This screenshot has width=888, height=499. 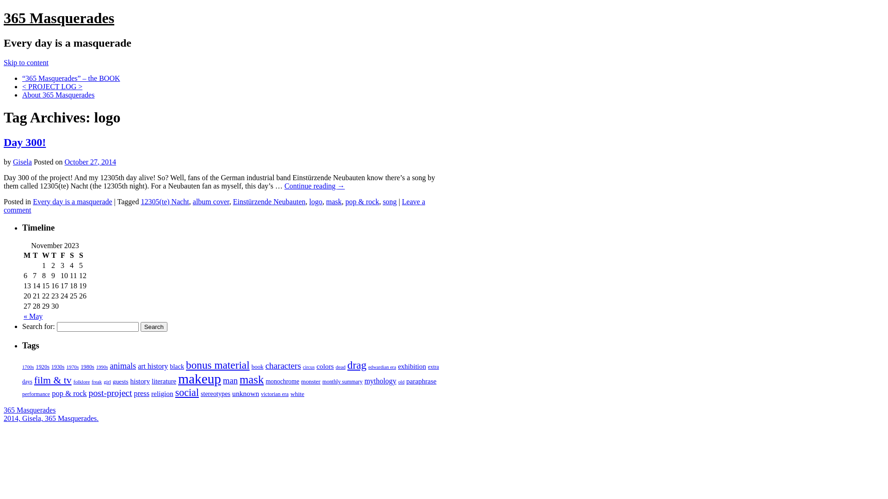 I want to click on 'logo', so click(x=315, y=201).